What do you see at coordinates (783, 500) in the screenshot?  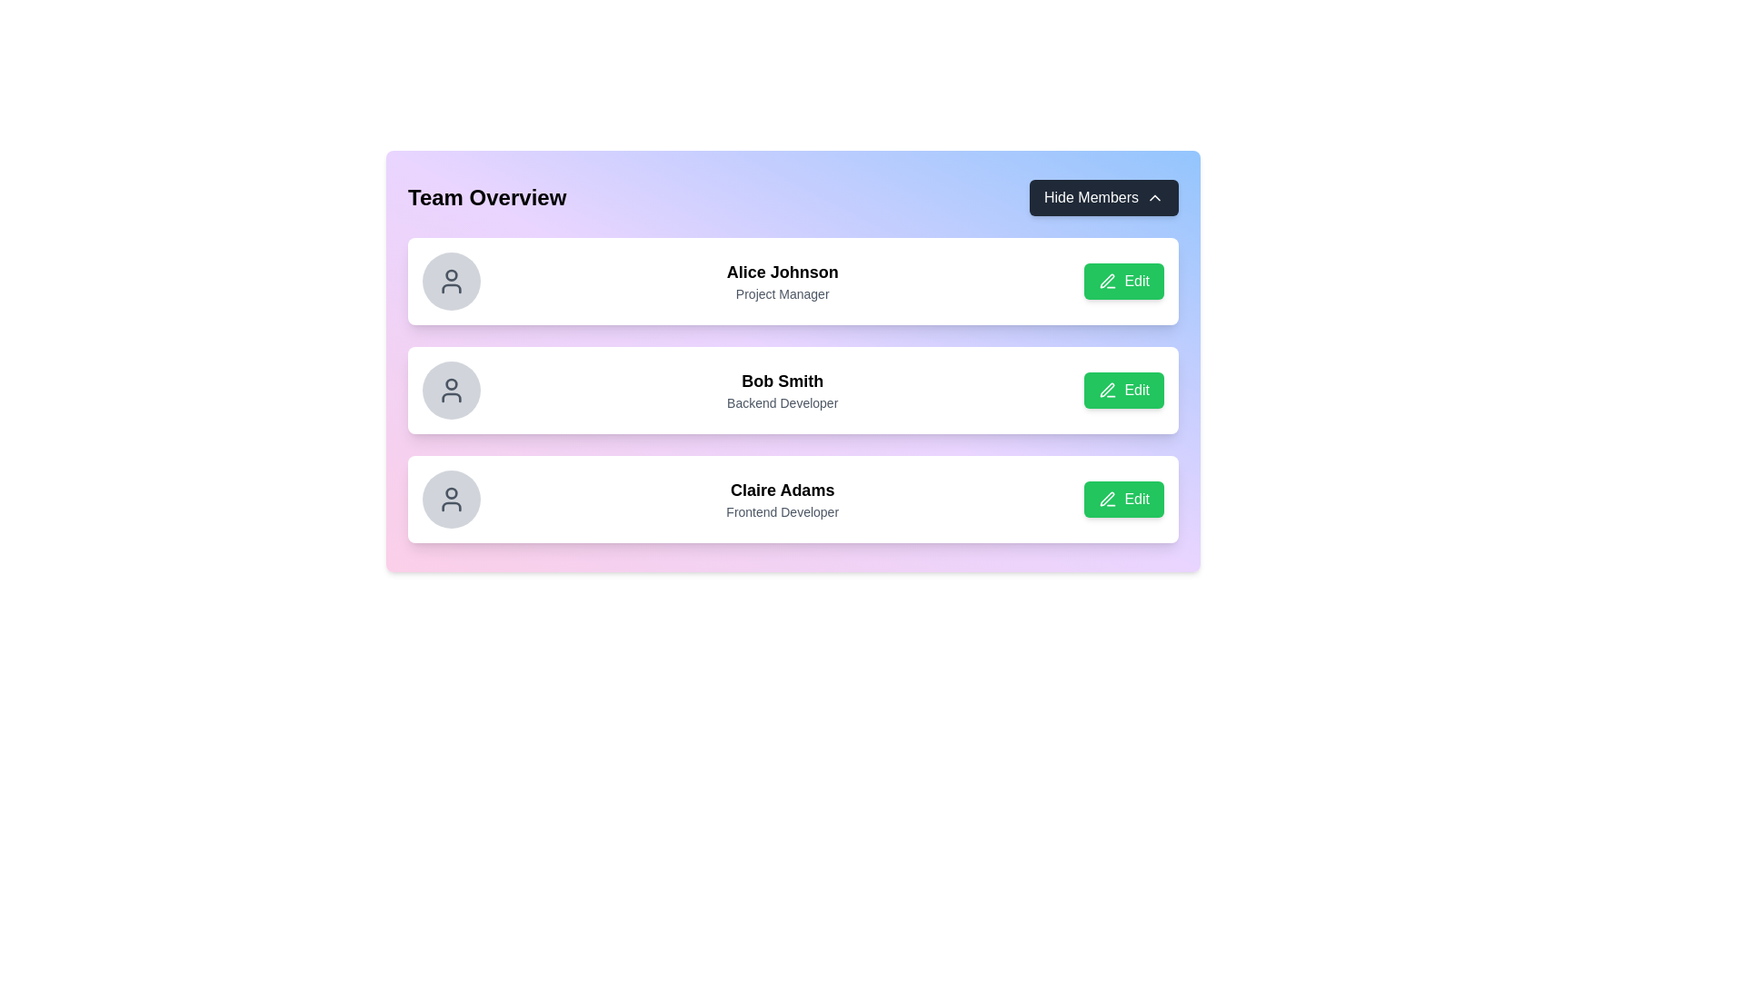 I see `text content that presents the name and role of a team member in the central area of the third card in the team overview interface` at bounding box center [783, 500].